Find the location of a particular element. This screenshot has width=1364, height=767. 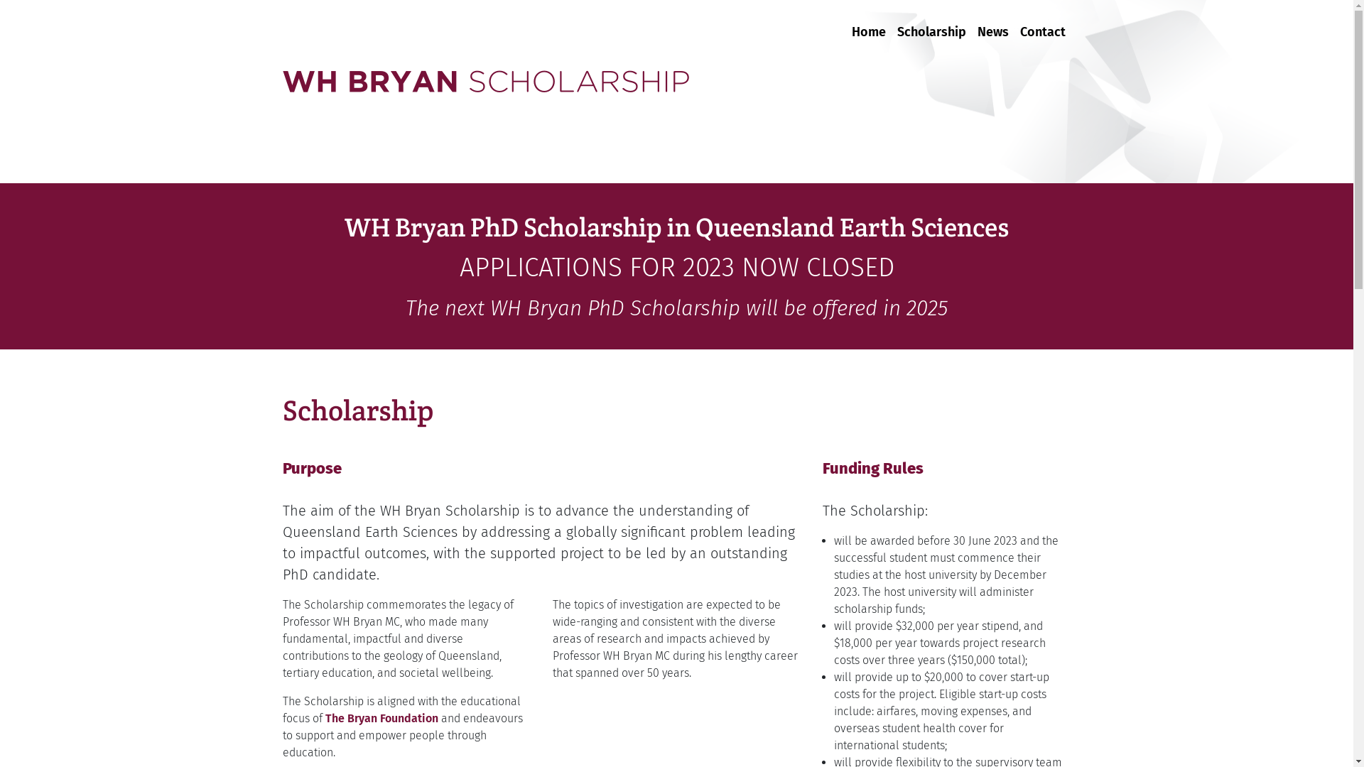

'Home' is located at coordinates (845, 23).